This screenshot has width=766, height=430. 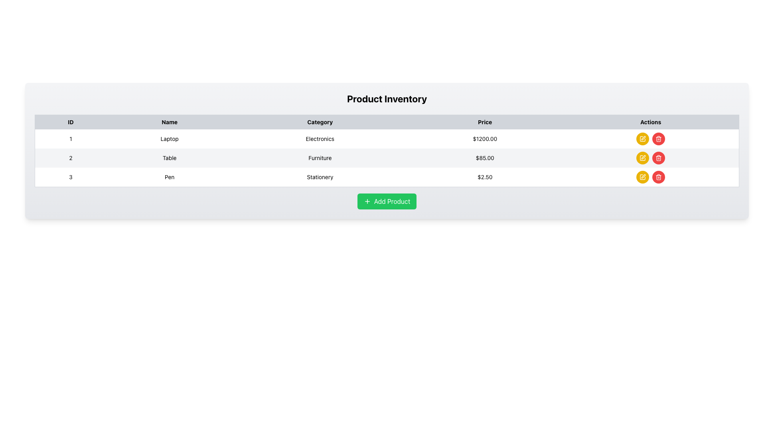 What do you see at coordinates (484, 122) in the screenshot?
I see `text of the Table Header Cell that indicates price-related data, located in the fourth position of the table header row` at bounding box center [484, 122].